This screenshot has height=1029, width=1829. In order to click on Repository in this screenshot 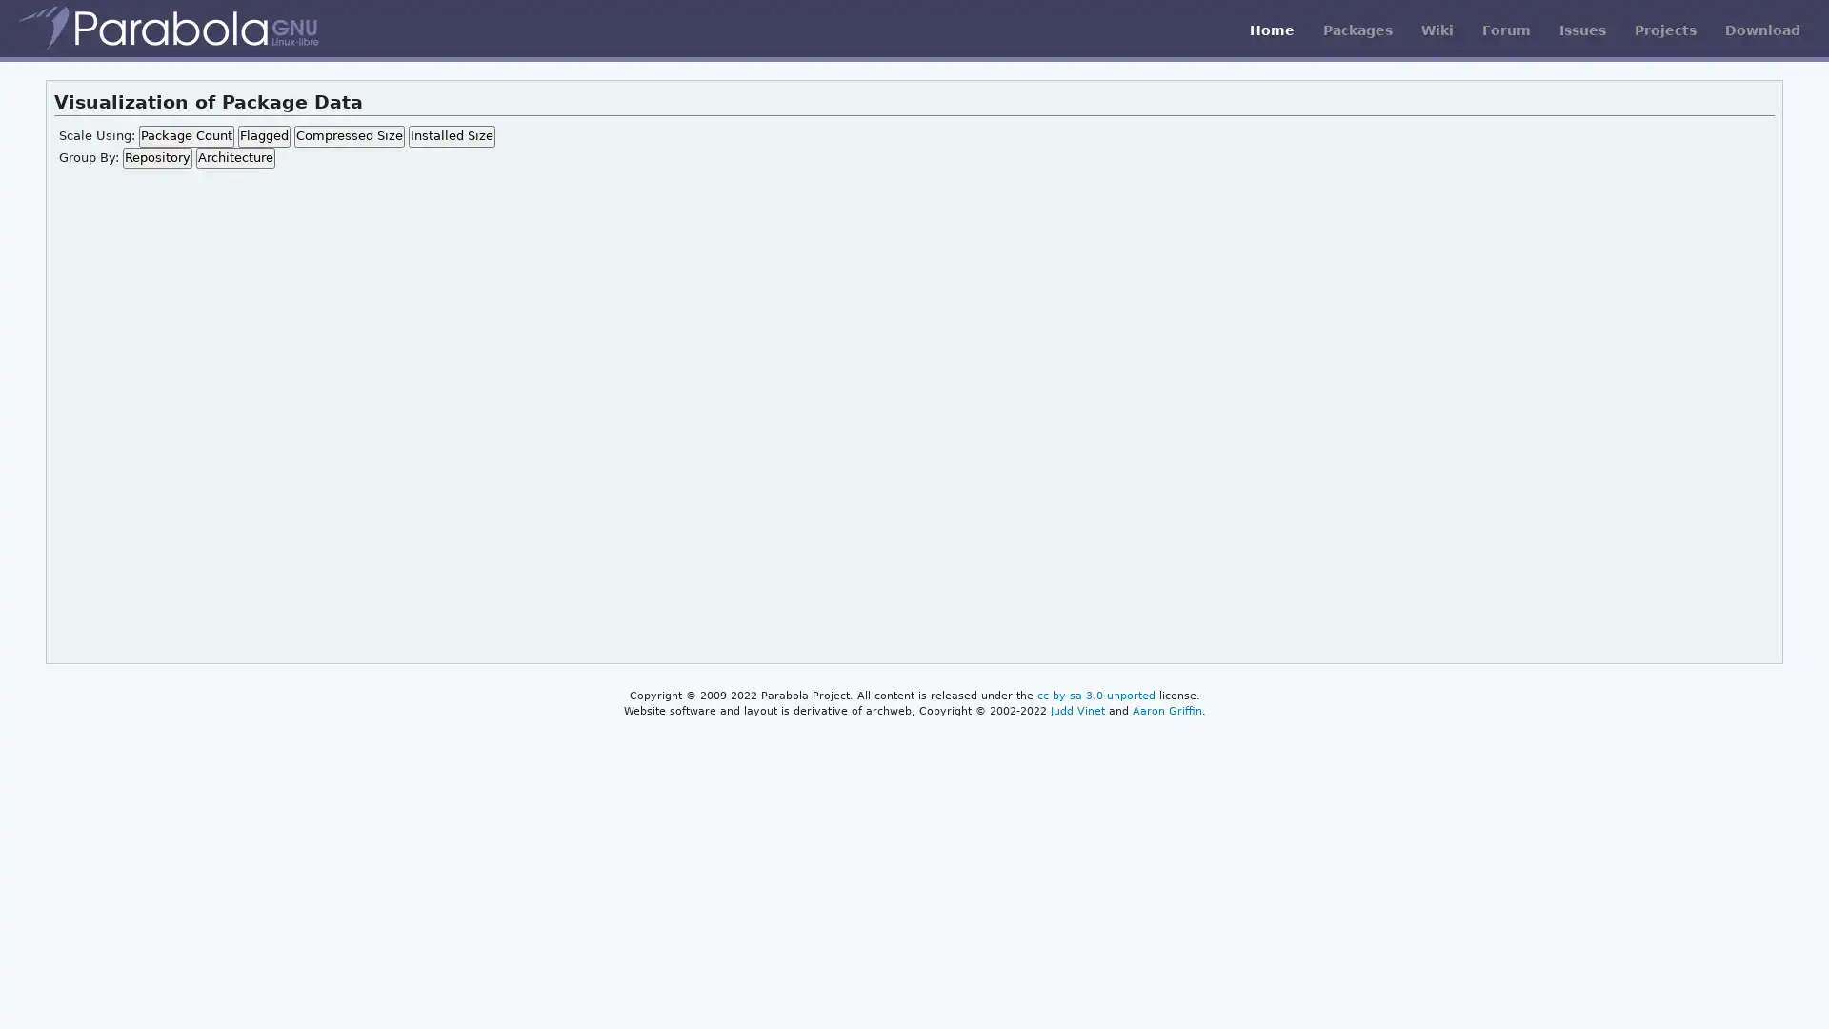, I will do `click(156, 156)`.